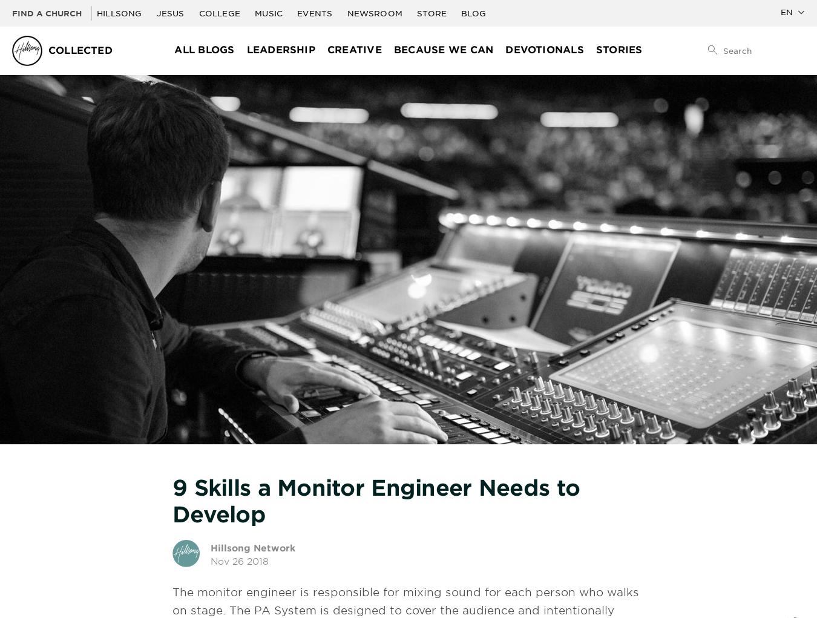  Describe the element at coordinates (120, 13) in the screenshot. I see `'Hillsong'` at that location.